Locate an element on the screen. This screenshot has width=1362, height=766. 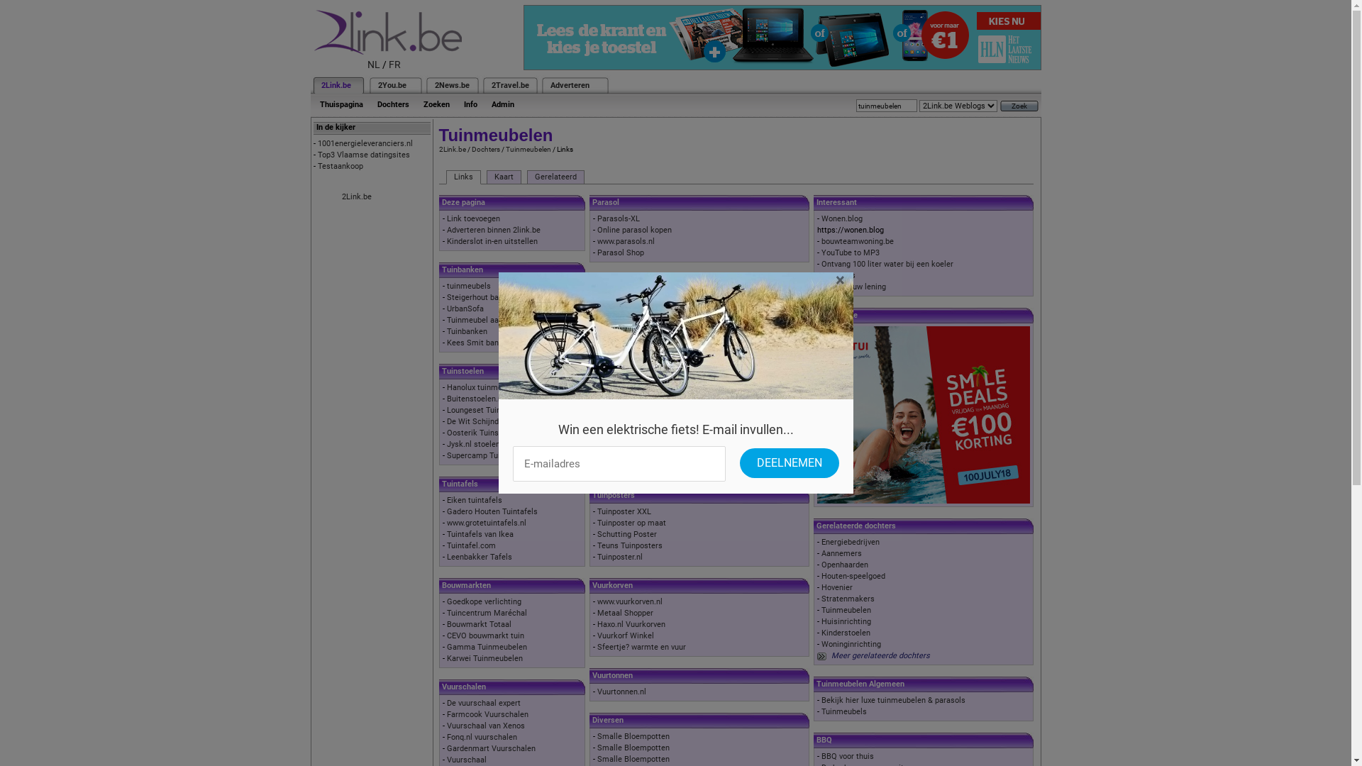
'www.parasols.nl' is located at coordinates (625, 240).